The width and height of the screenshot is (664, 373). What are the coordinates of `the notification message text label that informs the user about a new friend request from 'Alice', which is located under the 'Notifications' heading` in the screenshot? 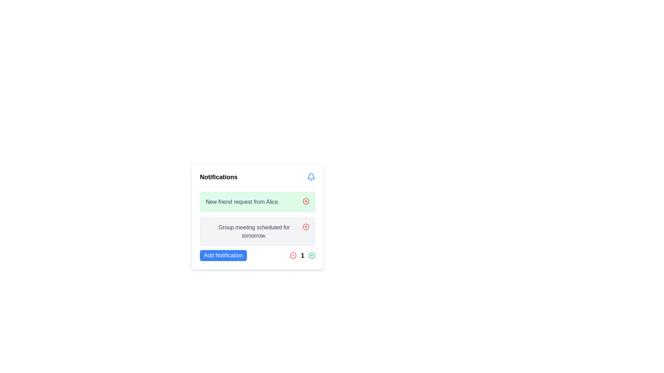 It's located at (242, 202).